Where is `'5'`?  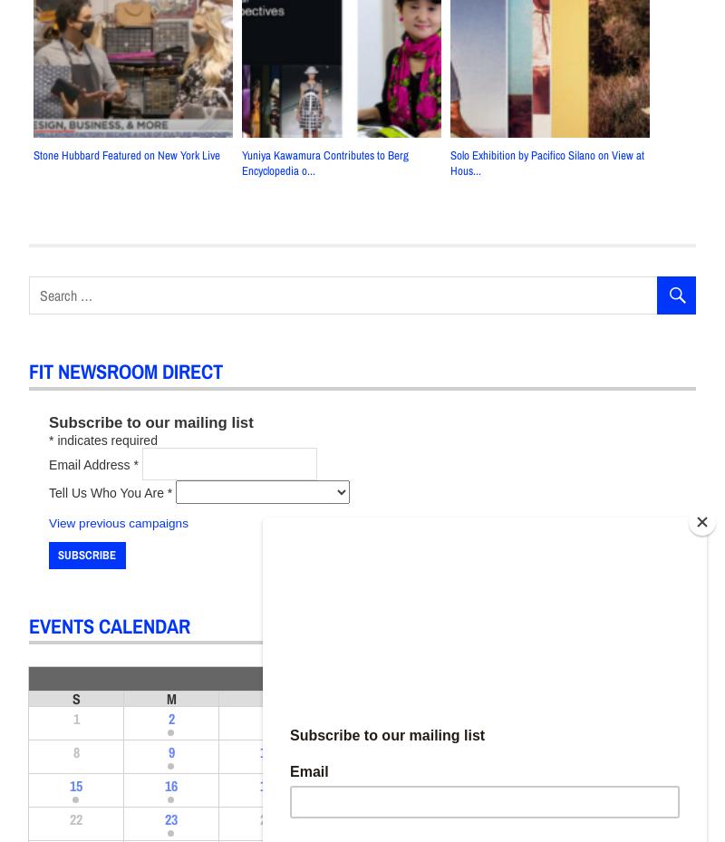 '5' is located at coordinates (455, 717).